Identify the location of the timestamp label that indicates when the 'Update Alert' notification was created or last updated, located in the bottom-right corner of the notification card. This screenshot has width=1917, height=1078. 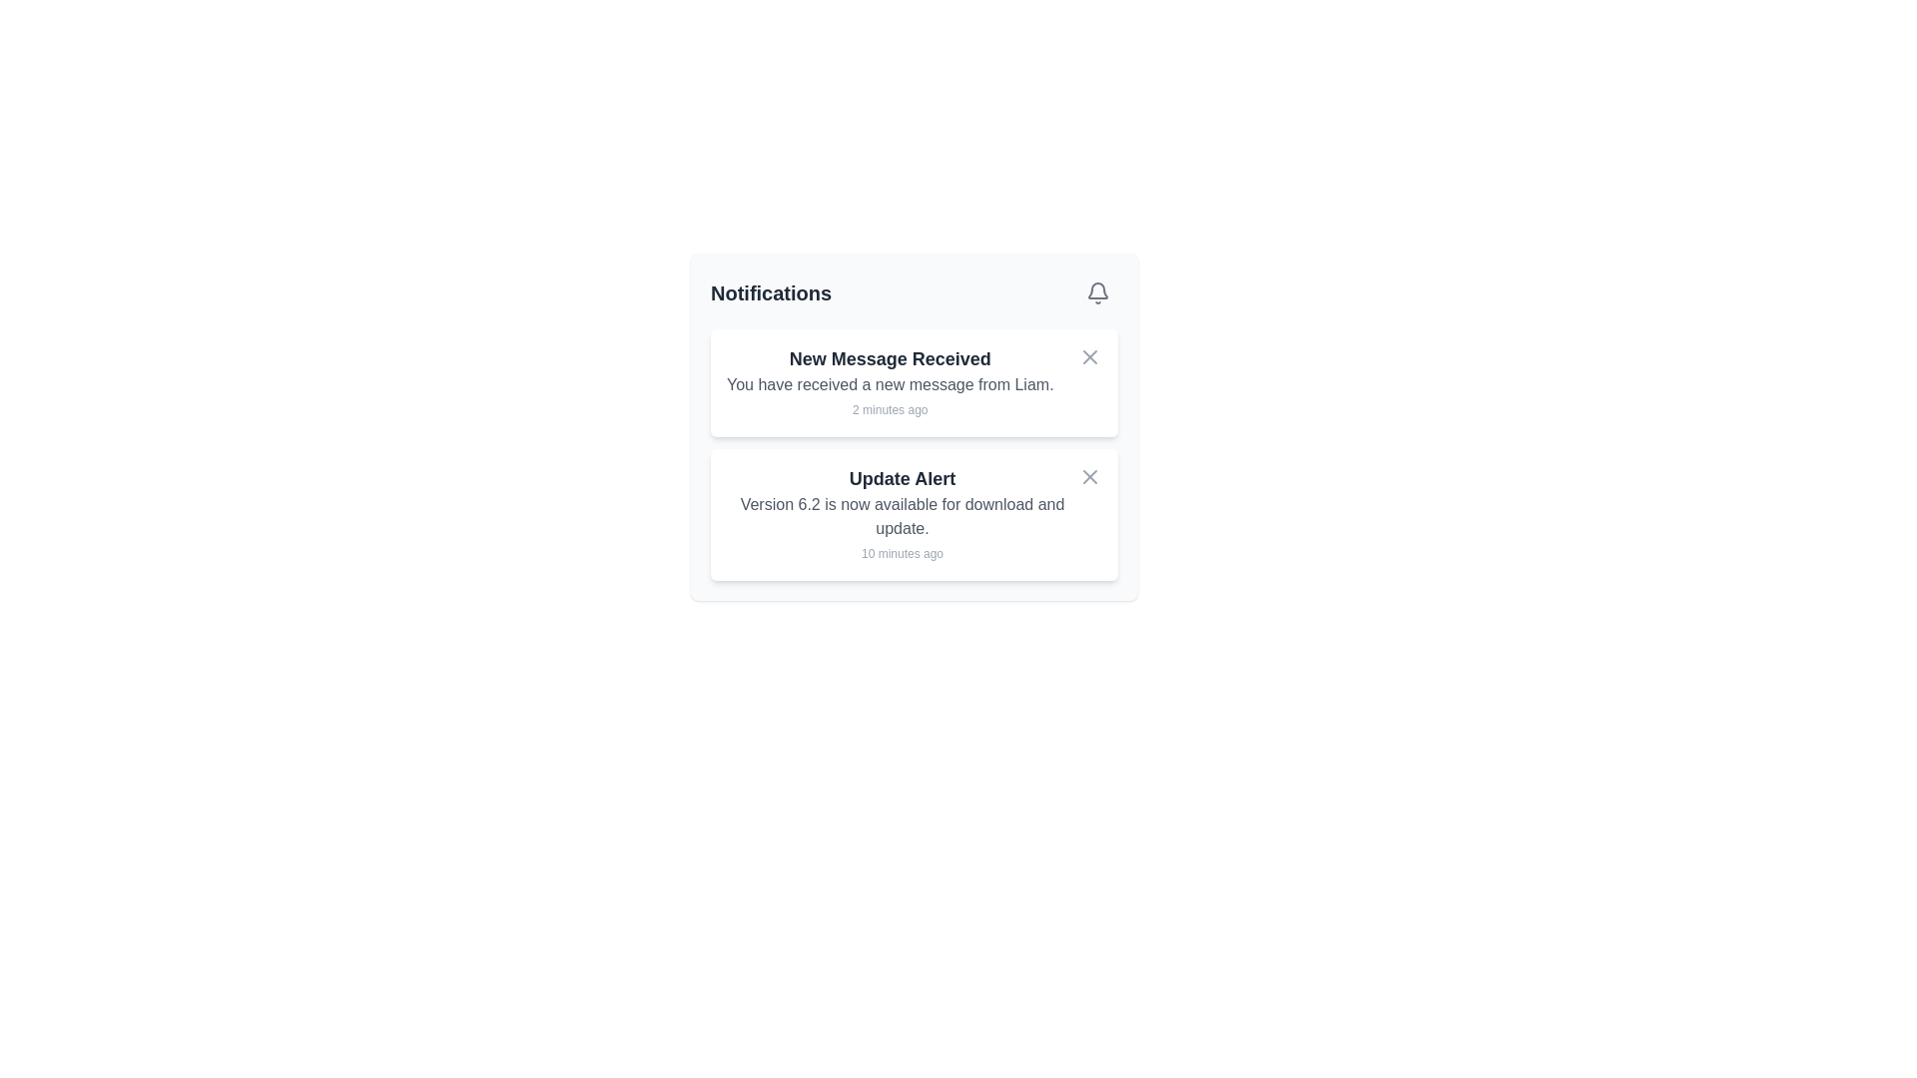
(901, 554).